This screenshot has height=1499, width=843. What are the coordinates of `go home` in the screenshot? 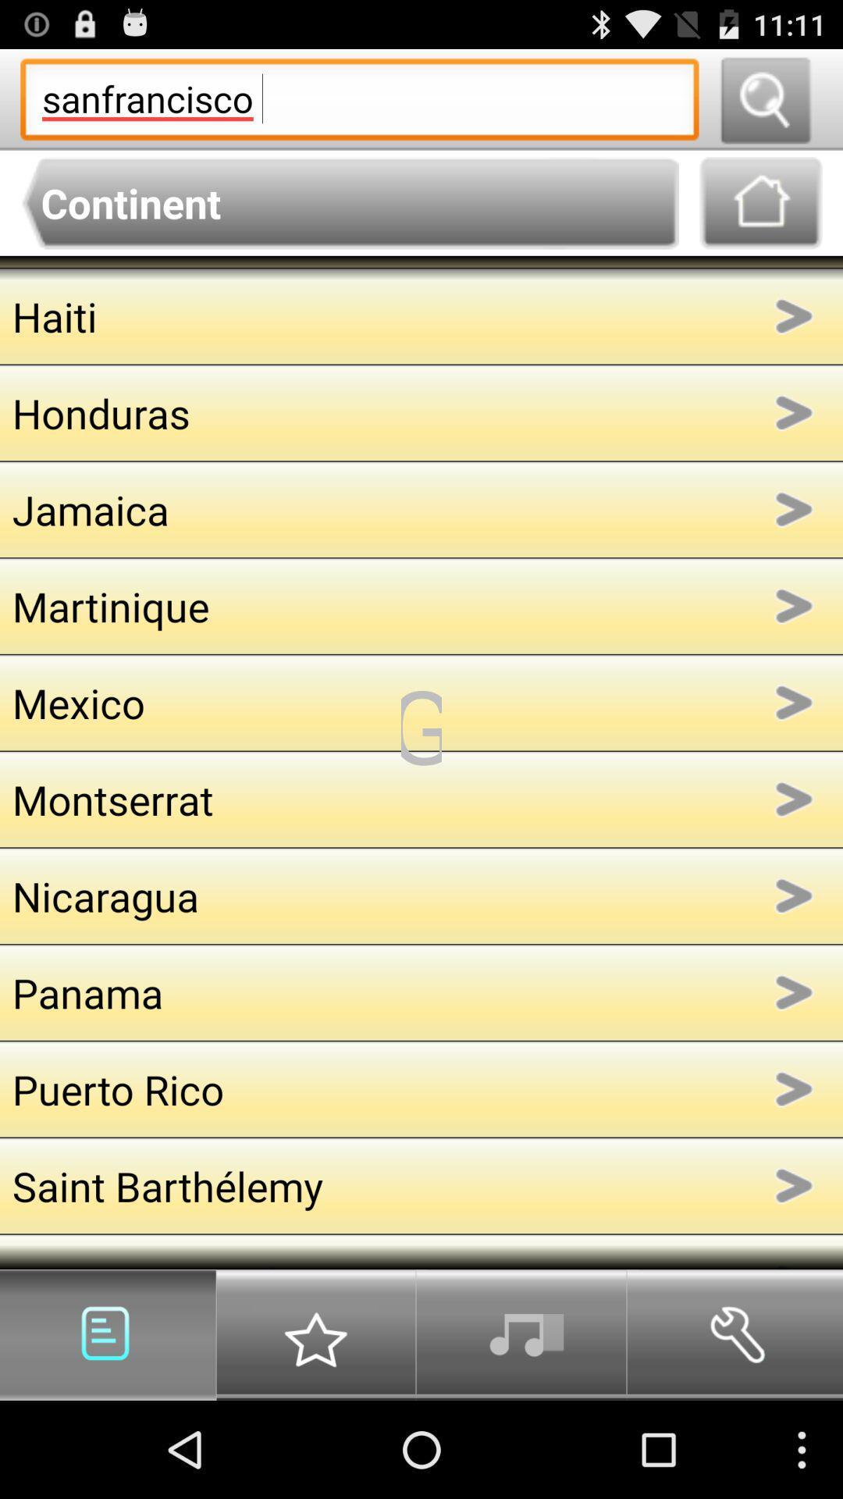 It's located at (760, 202).